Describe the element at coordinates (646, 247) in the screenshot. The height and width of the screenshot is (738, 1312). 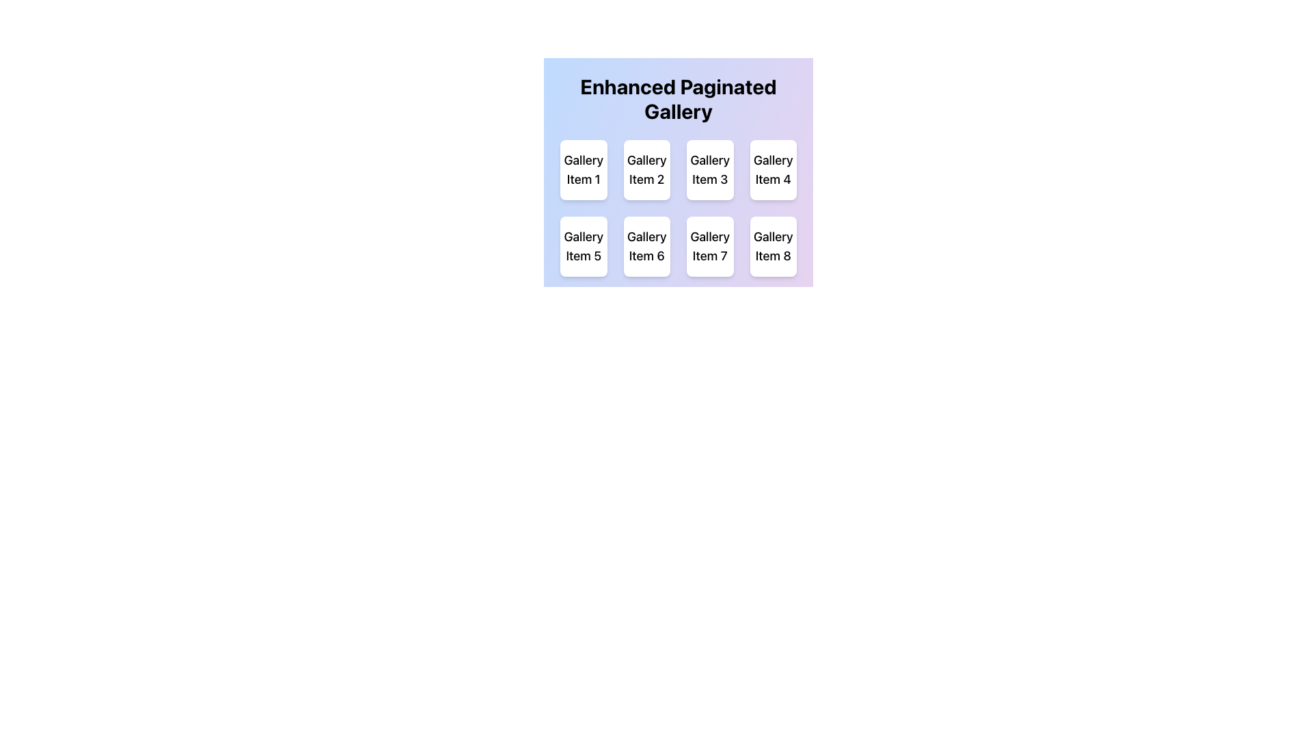
I see `the rectangular card with textual content located in the second row, second column of the 'Enhanced Paginated Gallery'` at that location.